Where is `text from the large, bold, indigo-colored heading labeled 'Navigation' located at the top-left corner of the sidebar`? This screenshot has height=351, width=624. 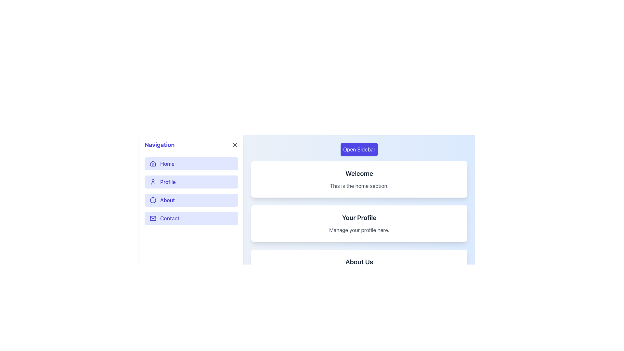 text from the large, bold, indigo-colored heading labeled 'Navigation' located at the top-left corner of the sidebar is located at coordinates (160, 145).